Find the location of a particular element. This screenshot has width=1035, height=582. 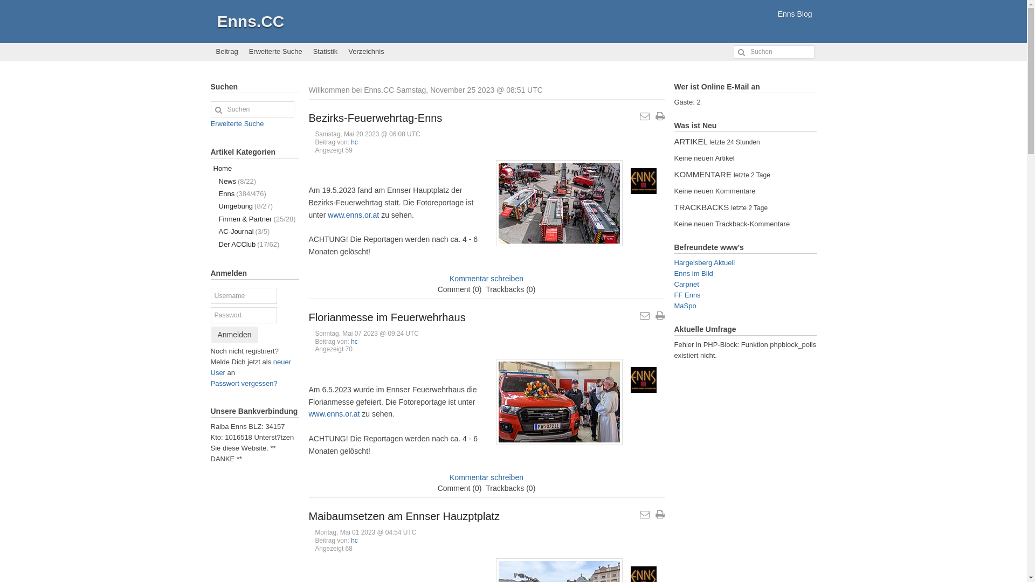

'Bezirks-Feuerwehrtag-Enns' is located at coordinates (375, 118).